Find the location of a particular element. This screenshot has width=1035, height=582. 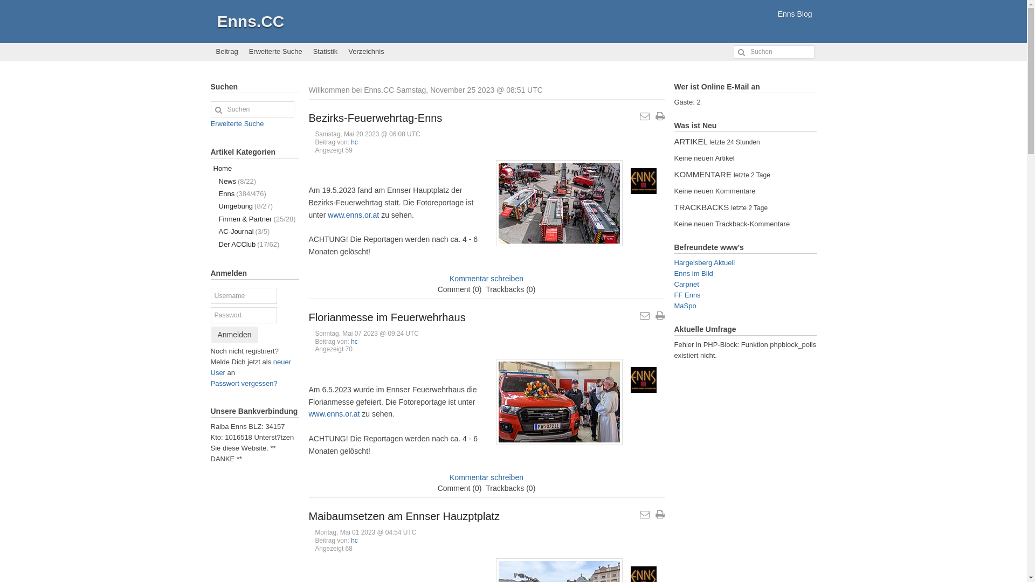

'Bezirks-Feuerwehrtag-Enns' is located at coordinates (375, 118).